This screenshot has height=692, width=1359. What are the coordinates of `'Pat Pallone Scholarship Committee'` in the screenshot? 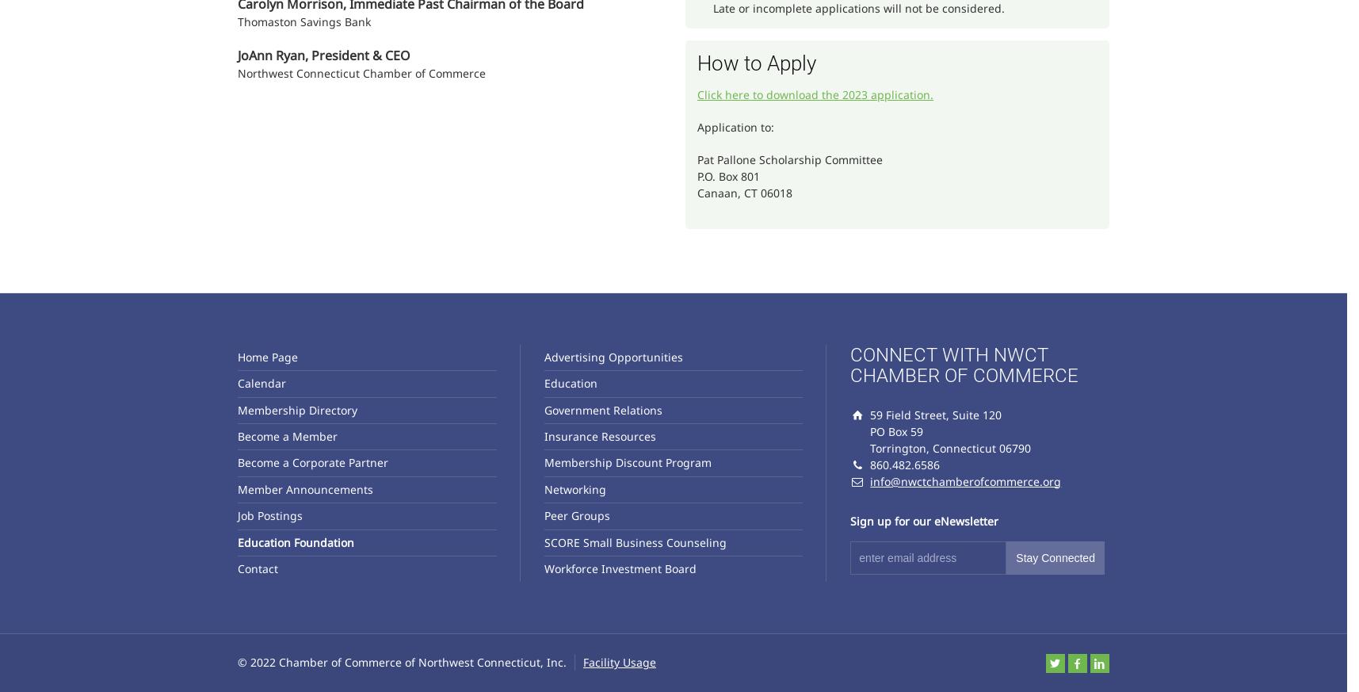 It's located at (788, 158).